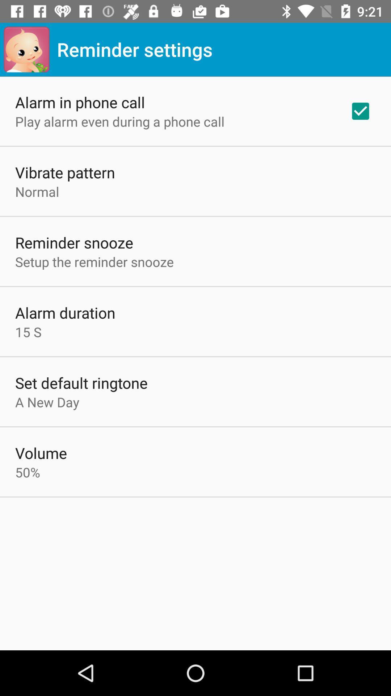 Image resolution: width=391 pixels, height=696 pixels. I want to click on setup the reminder item, so click(94, 261).